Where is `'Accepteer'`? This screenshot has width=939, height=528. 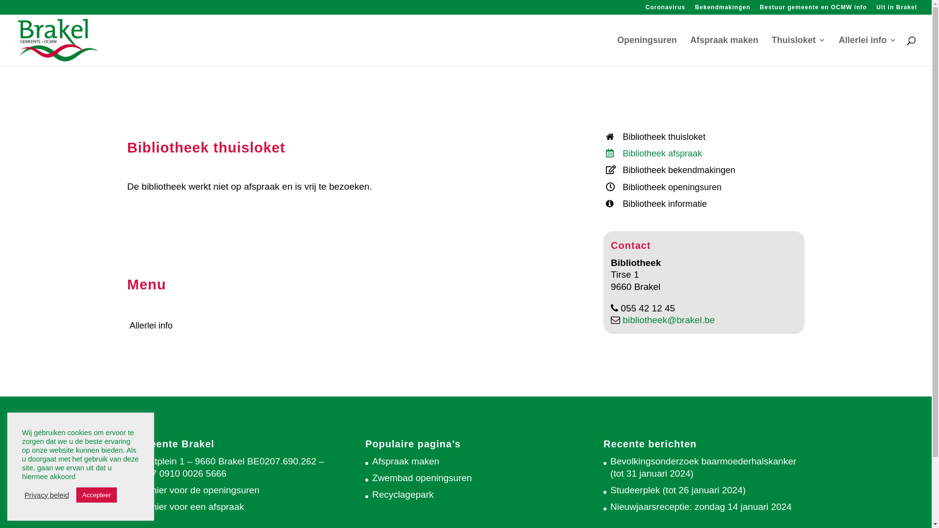
'Accepteer' is located at coordinates (96, 495).